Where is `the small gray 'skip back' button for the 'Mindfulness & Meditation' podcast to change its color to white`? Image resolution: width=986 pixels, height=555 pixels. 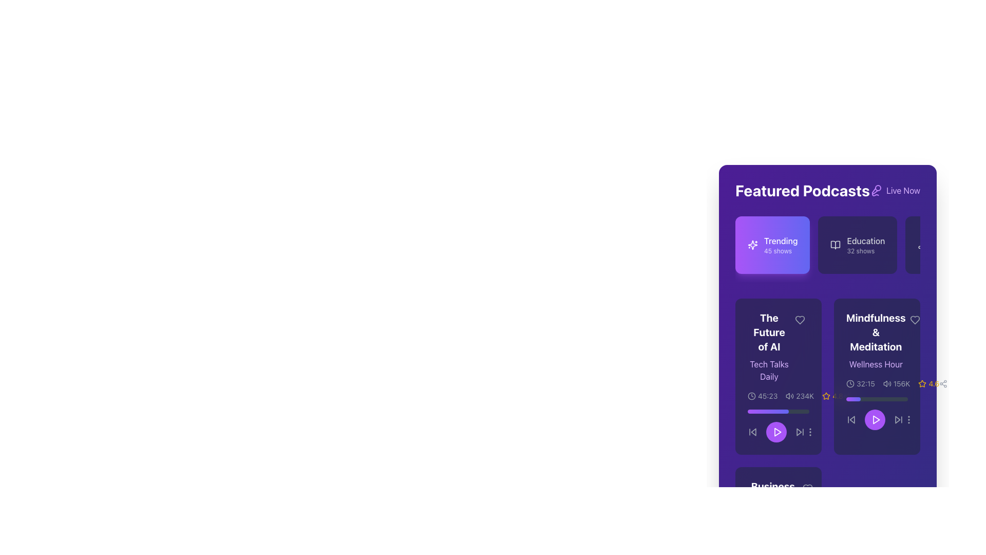
the small gray 'skip back' button for the 'Mindfulness & Meditation' podcast to change its color to white is located at coordinates (851, 420).